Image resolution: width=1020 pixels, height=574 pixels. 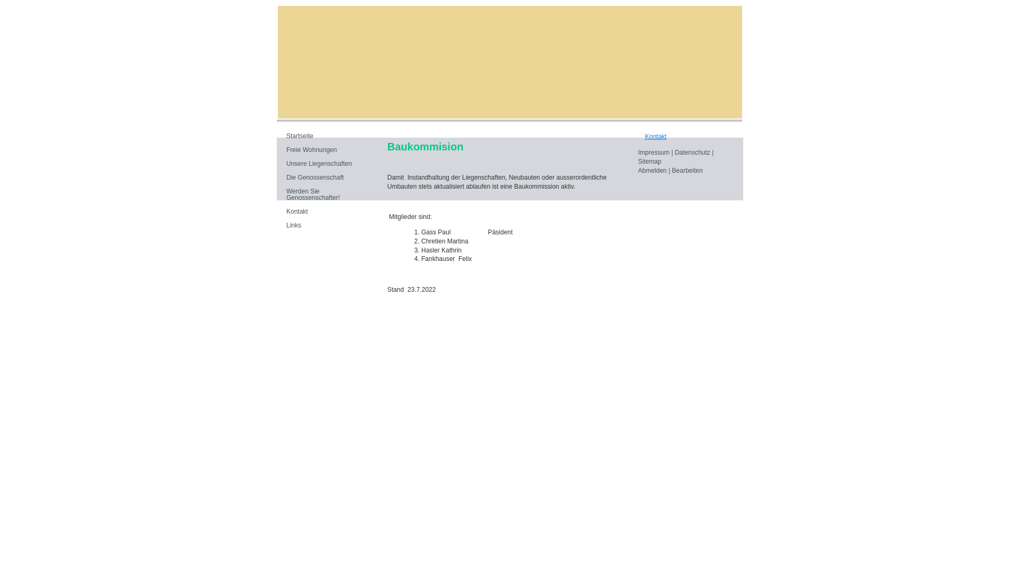 I want to click on 'Kontakt', so click(x=655, y=136).